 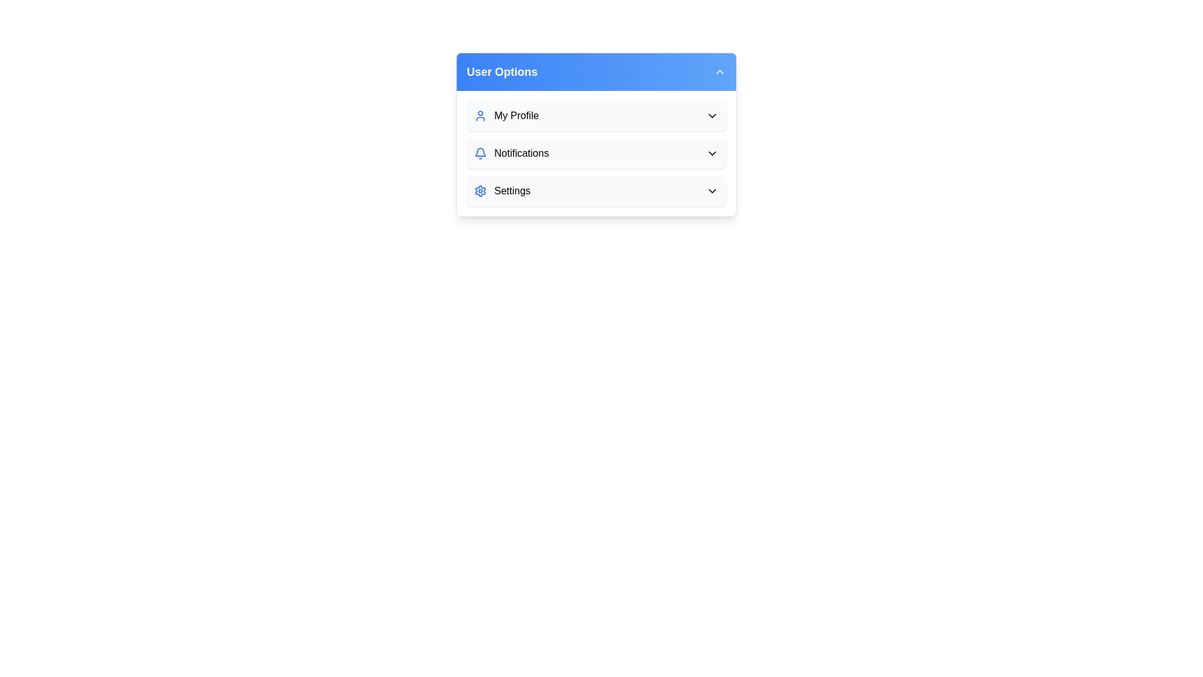 What do you see at coordinates (511, 153) in the screenshot?
I see `the 'Notifications' menu item located below 'My Profile' and above 'Settings' in the 'User Options' card` at bounding box center [511, 153].